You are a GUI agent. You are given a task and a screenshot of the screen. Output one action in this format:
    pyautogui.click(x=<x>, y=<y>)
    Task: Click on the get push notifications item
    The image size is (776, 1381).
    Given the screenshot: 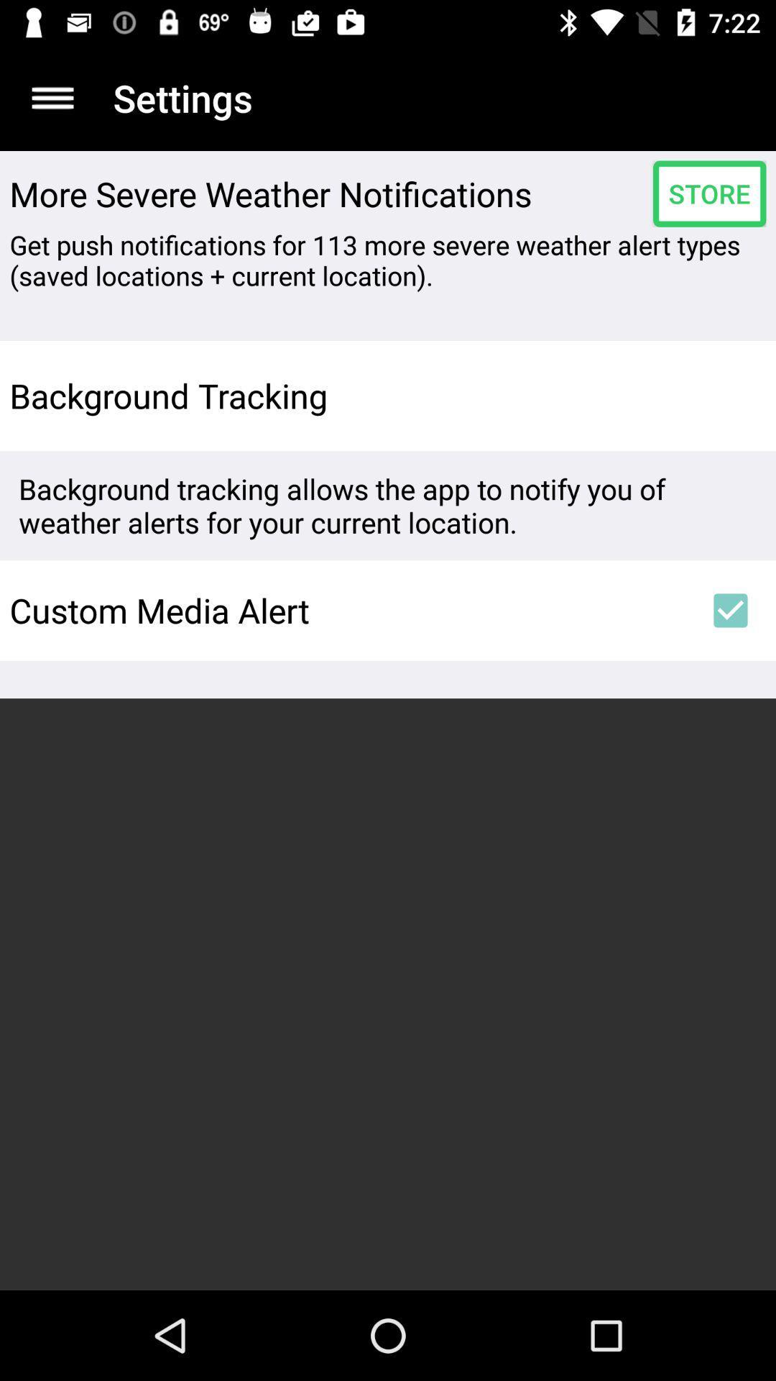 What is the action you would take?
    pyautogui.click(x=388, y=260)
    